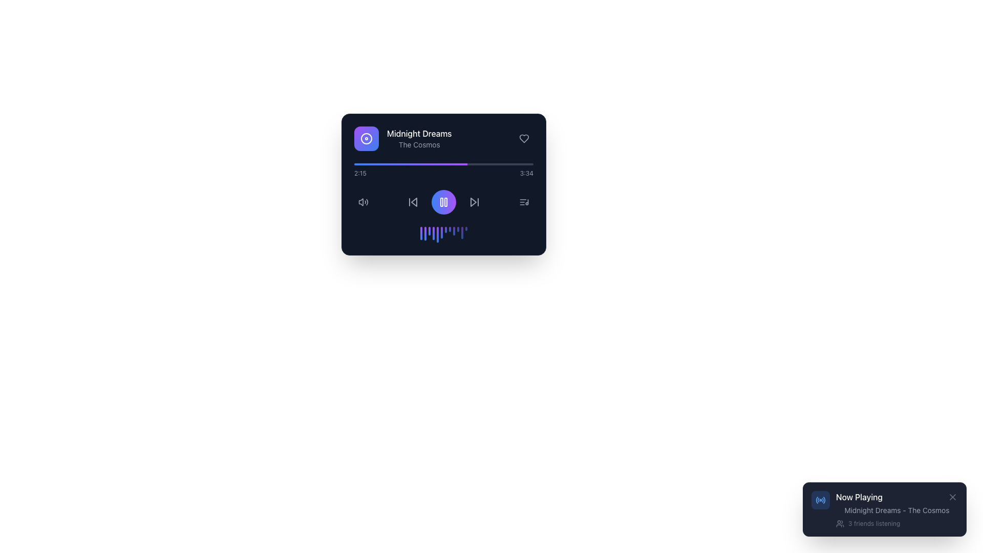  Describe the element at coordinates (430, 231) in the screenshot. I see `the animation of the third dynamic visual bar located below the central play button in the audio player interface` at that location.